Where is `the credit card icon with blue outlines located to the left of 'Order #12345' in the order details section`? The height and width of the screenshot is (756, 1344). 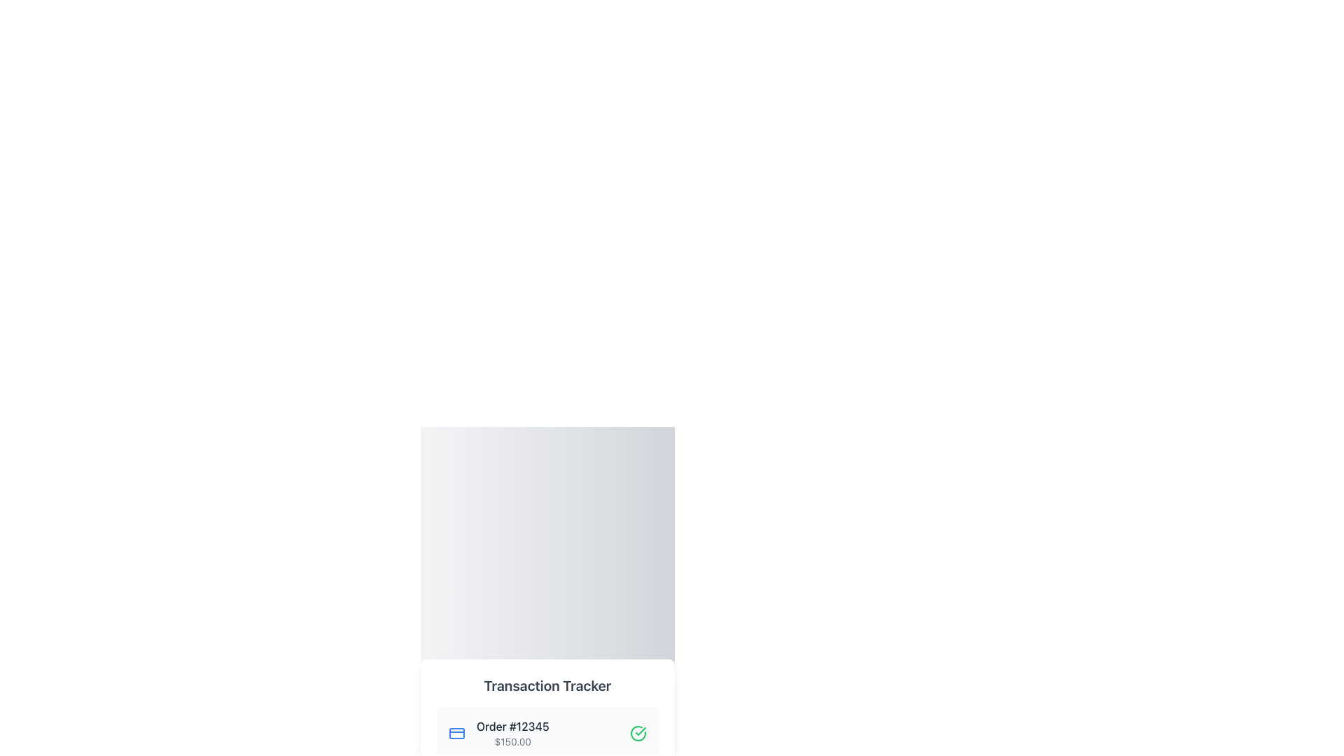
the credit card icon with blue outlines located to the left of 'Order #12345' in the order details section is located at coordinates (456, 733).